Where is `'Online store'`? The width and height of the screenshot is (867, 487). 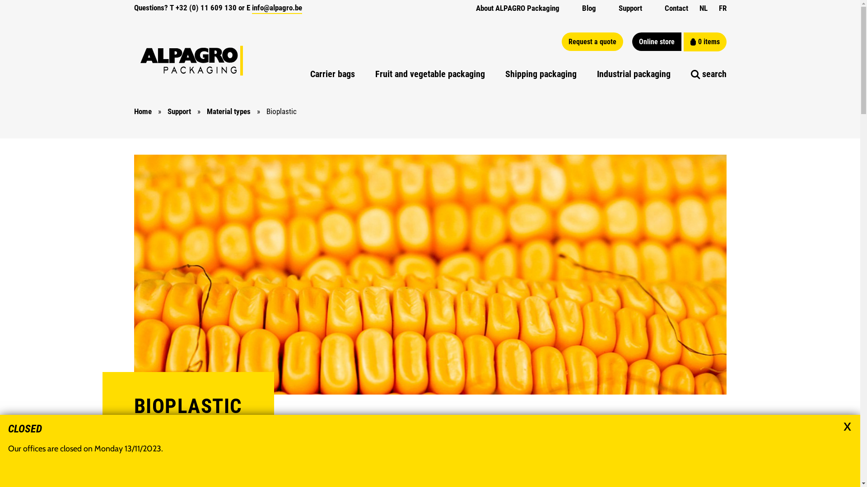
'Online store' is located at coordinates (657, 41).